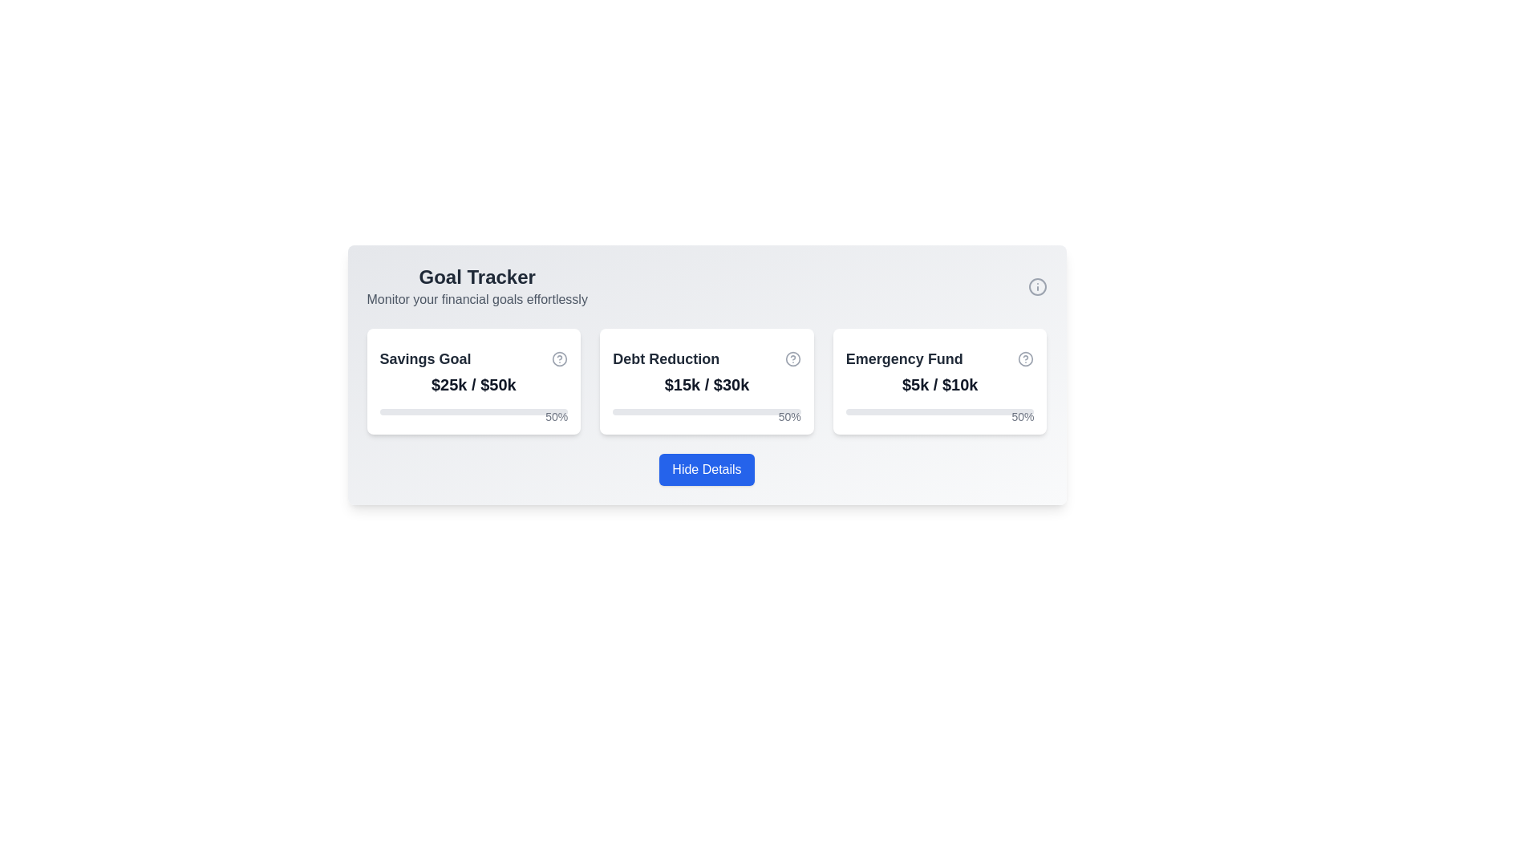 The image size is (1540, 866). What do you see at coordinates (472, 411) in the screenshot?
I see `the Progress Bar that displays the 'Savings Goal' progress, which is visually represented by a filled portion corresponding to '50%' and located in the first card below the text '$25k / $50k'` at bounding box center [472, 411].